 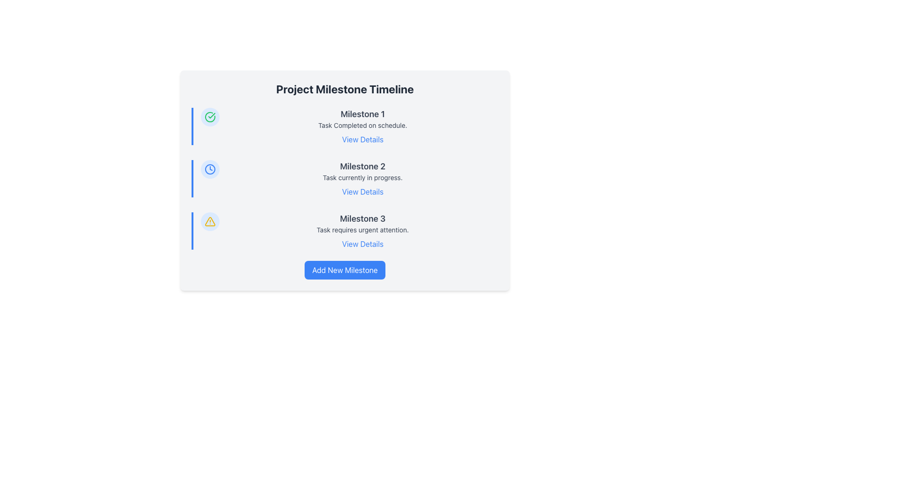 What do you see at coordinates (210, 221) in the screenshot?
I see `the alert icon indicating an alert or warning for 'Milestone 3', located below the previous milestones on the left side of its description` at bounding box center [210, 221].